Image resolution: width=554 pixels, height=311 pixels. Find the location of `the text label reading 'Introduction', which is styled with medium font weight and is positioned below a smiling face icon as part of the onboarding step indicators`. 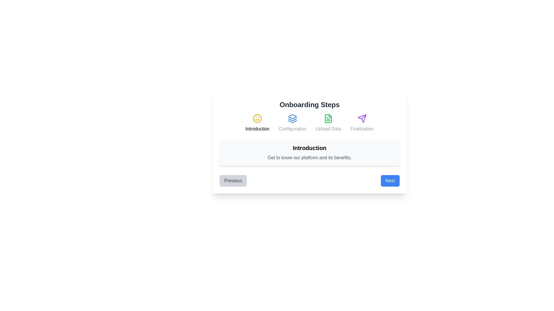

the text label reading 'Introduction', which is styled with medium font weight and is positioned below a smiling face icon as part of the onboarding step indicators is located at coordinates (257, 128).